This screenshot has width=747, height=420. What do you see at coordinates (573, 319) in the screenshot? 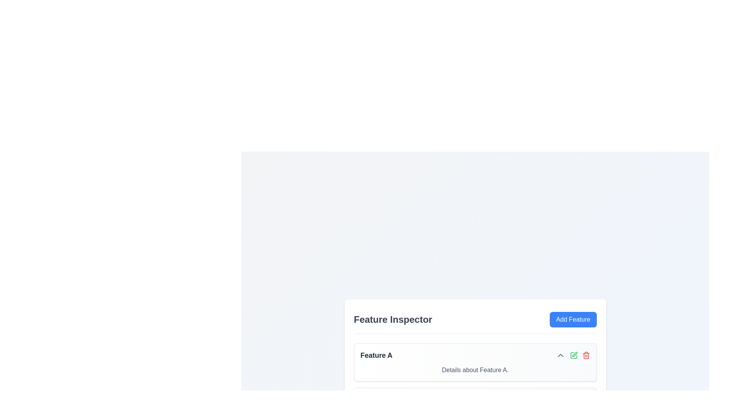
I see `the 'Add Feature' button with a blue background and white text to observe the hover effect` at bounding box center [573, 319].